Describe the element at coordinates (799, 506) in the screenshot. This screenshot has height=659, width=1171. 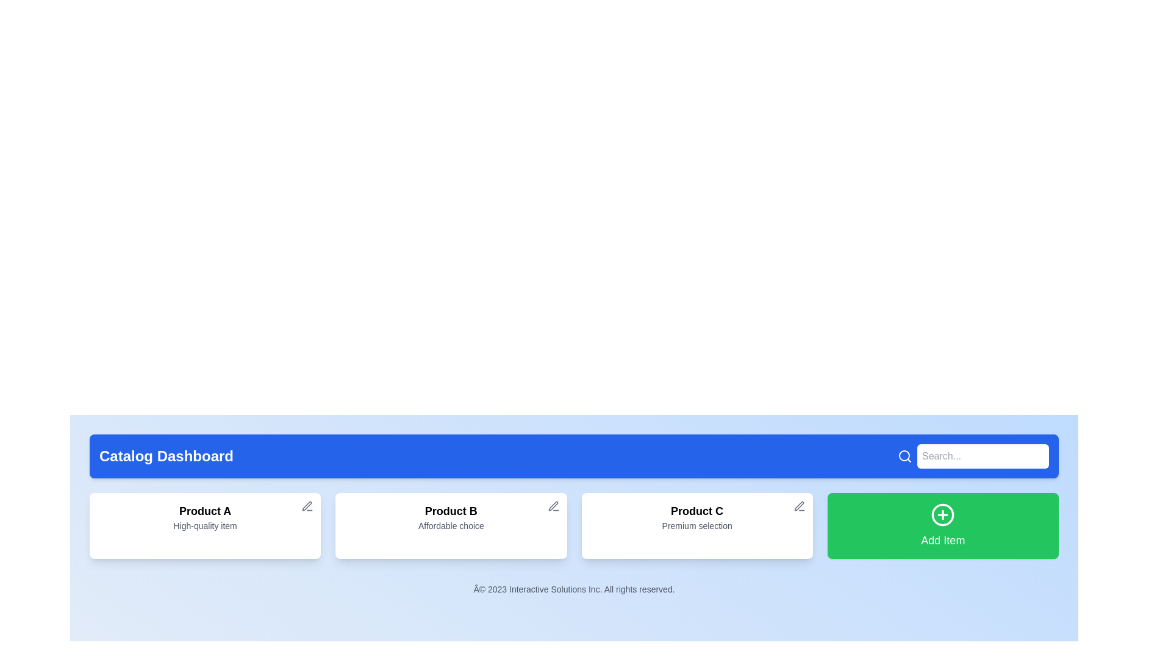
I see `the pen icon button located in the top-right corner of the 'Product C' card, which changes color to blue when hovered over` at that location.